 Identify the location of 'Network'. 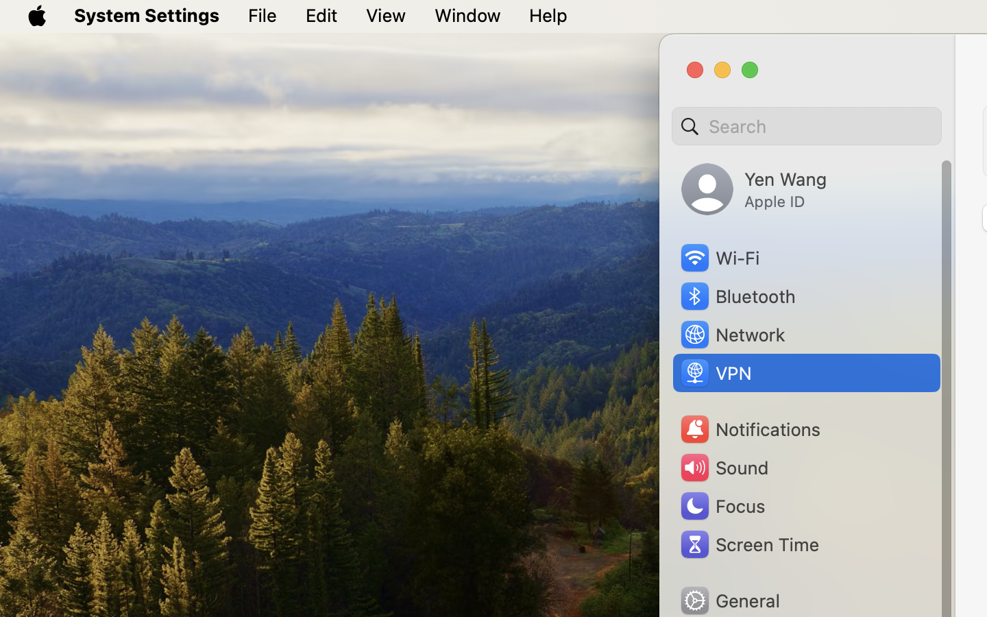
(732, 333).